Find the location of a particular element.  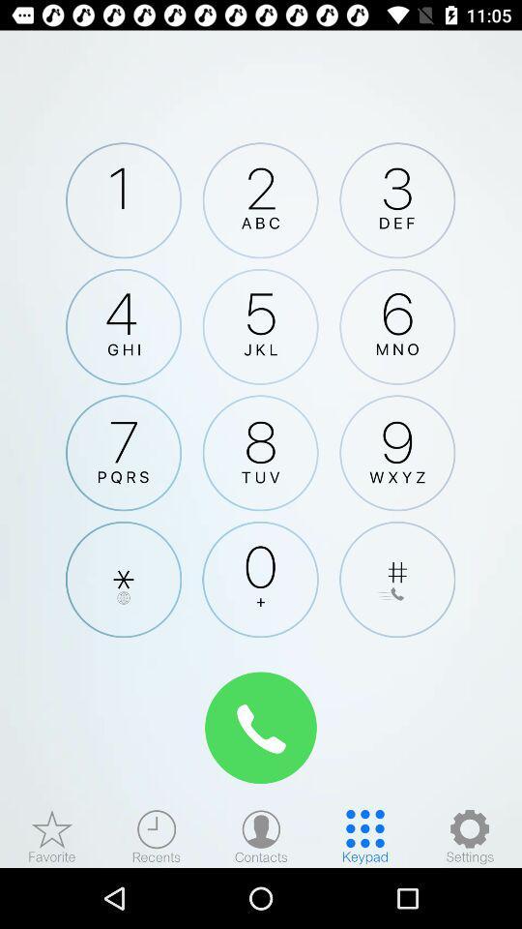

7 is located at coordinates (124, 453).